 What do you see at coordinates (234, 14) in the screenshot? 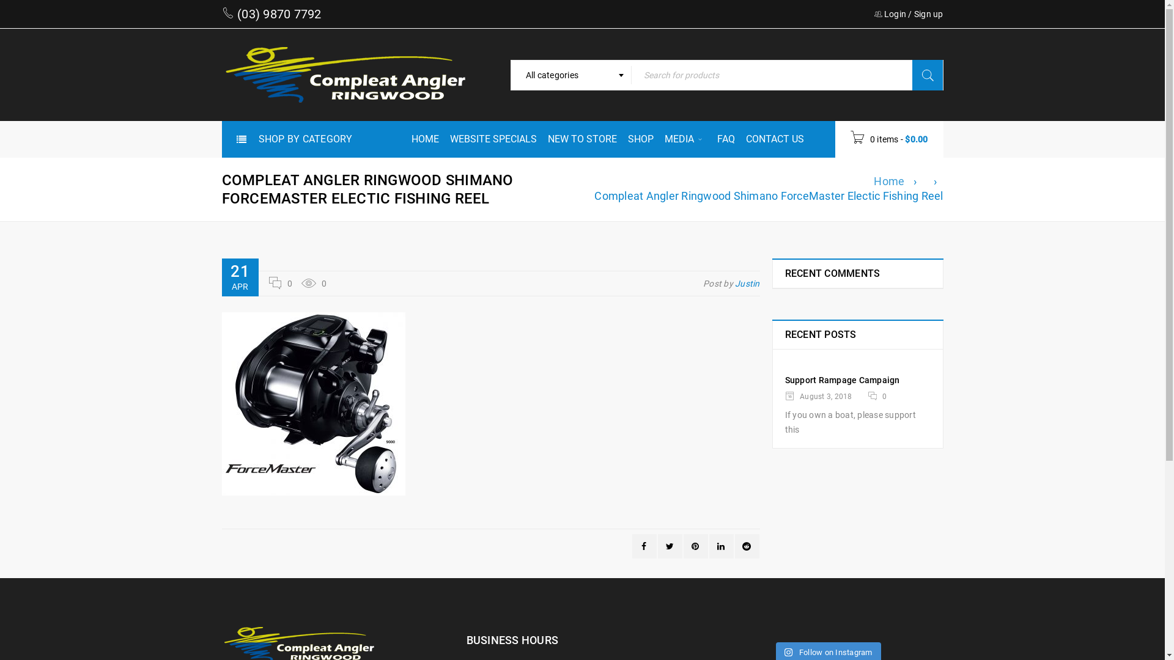
I see `'(03) 9870 7792'` at bounding box center [234, 14].